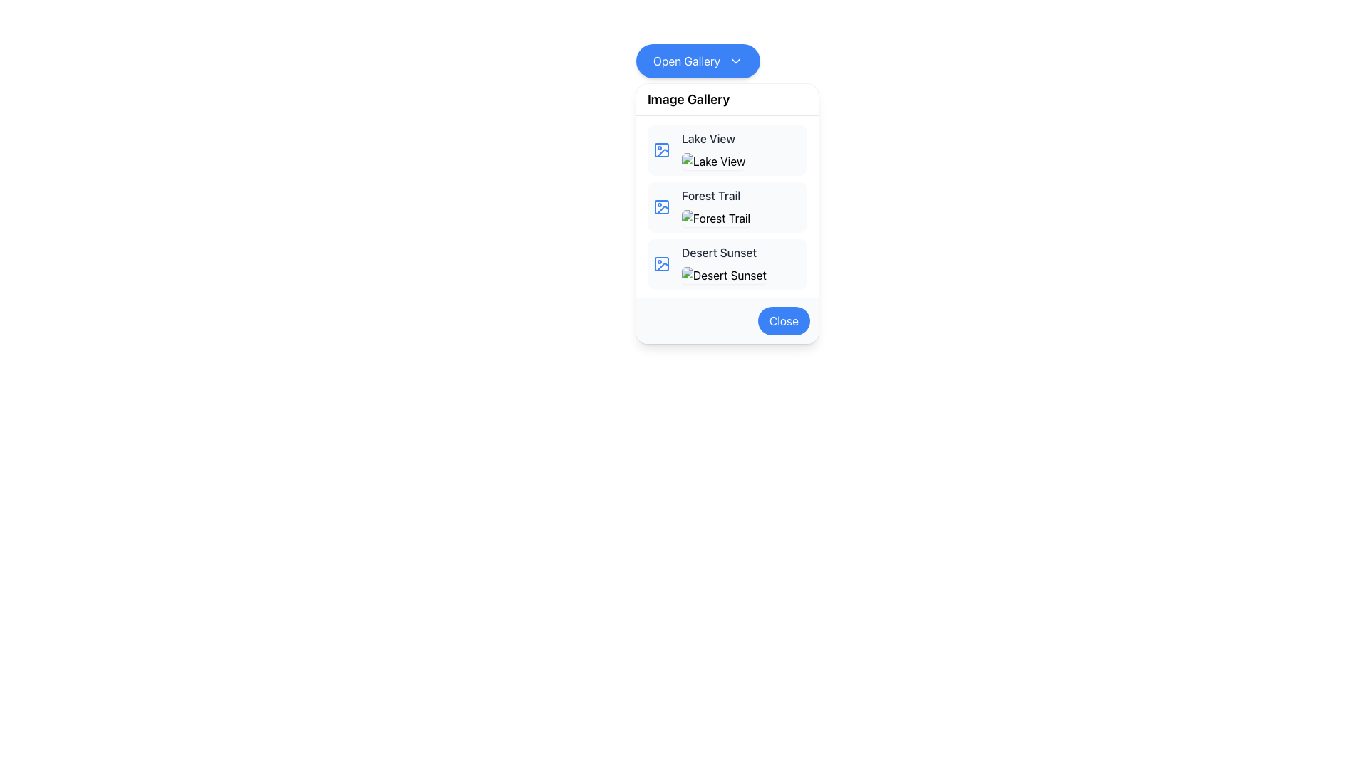 Image resolution: width=1368 pixels, height=769 pixels. I want to click on the decorative Rectangle graphic component located at the top-left corner of the 'Image Gallery' group for the list item labeled 'Lake View', so click(660, 150).